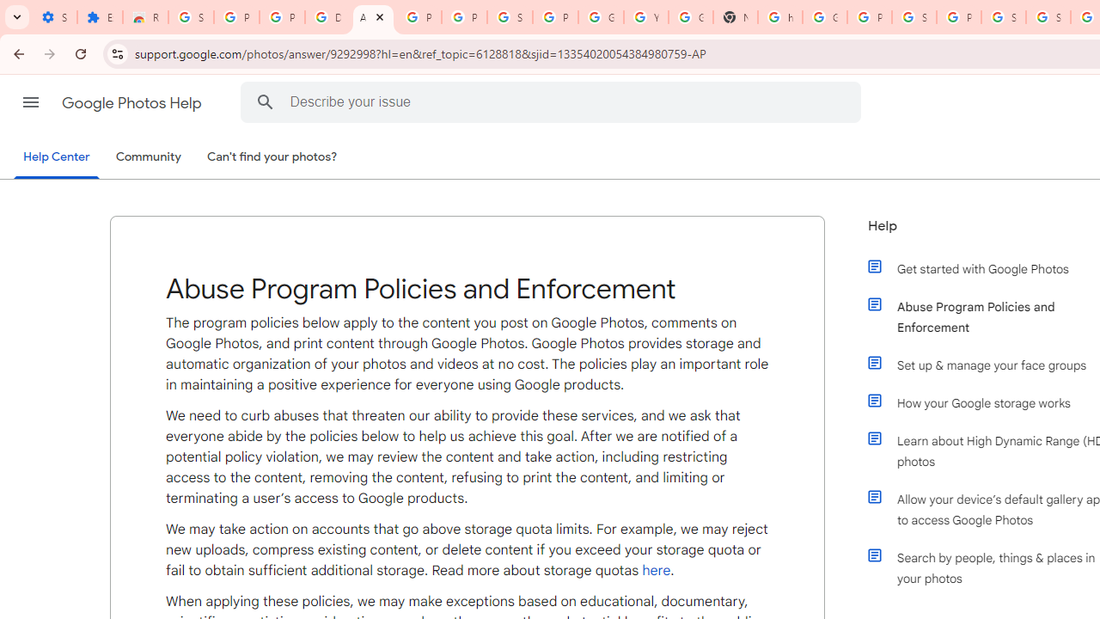 This screenshot has width=1100, height=619. What do you see at coordinates (54, 17) in the screenshot?
I see `'Settings - On startup'` at bounding box center [54, 17].